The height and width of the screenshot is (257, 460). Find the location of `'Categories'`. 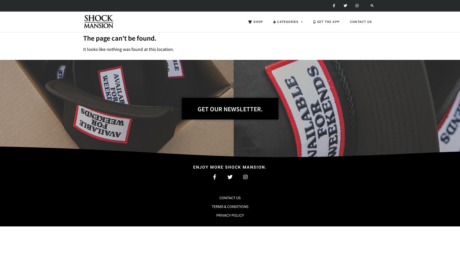

'Categories' is located at coordinates (287, 22).